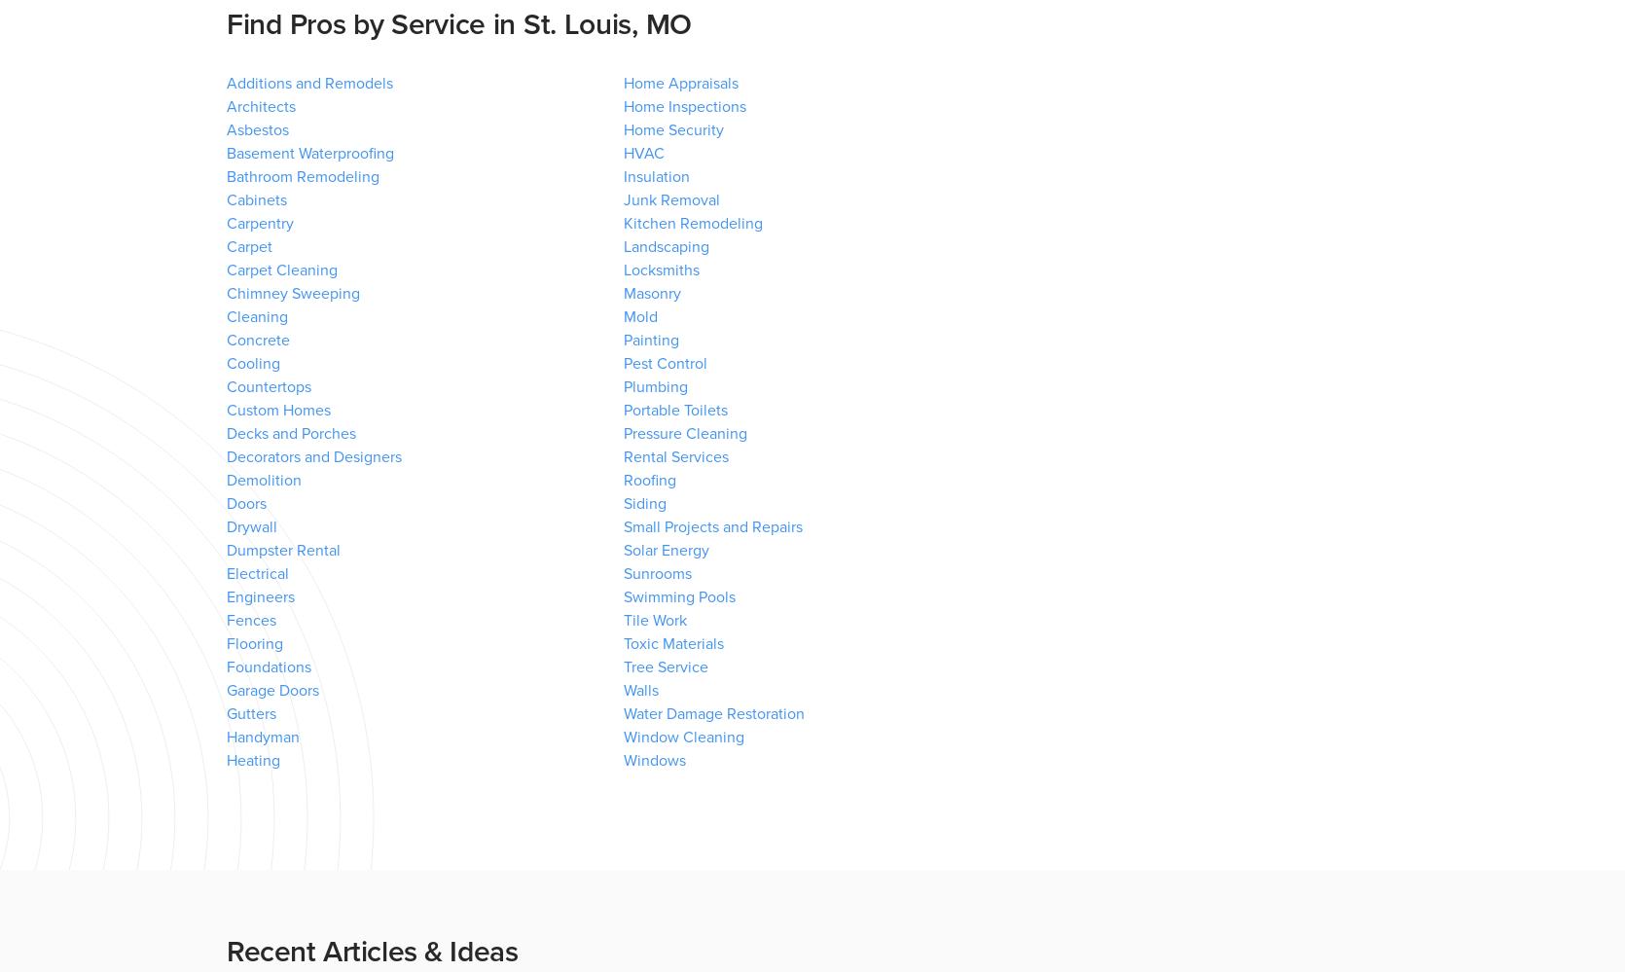  What do you see at coordinates (252, 761) in the screenshot?
I see `'Heating'` at bounding box center [252, 761].